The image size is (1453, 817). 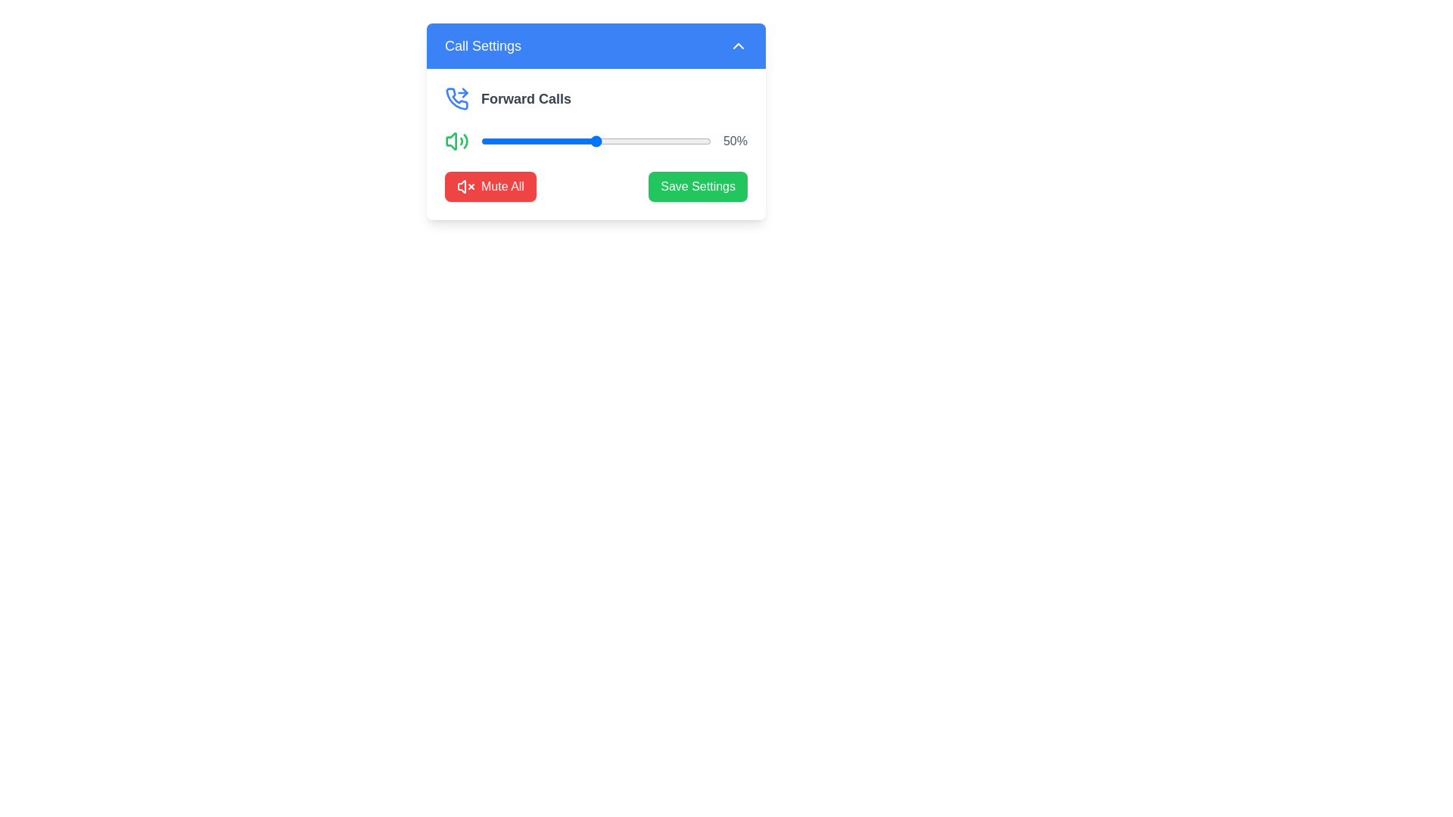 I want to click on the slider, so click(x=551, y=141).